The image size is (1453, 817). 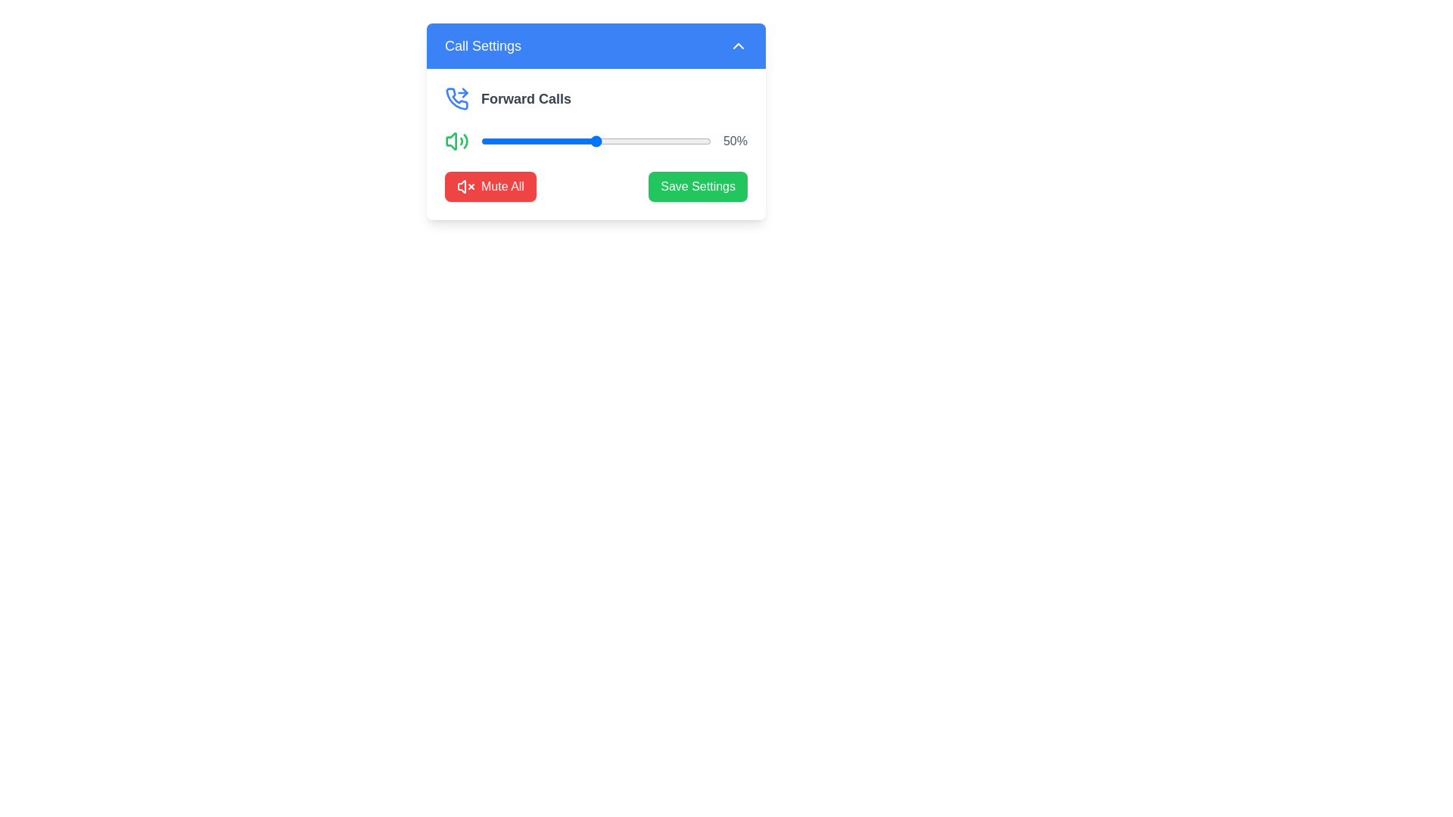 I want to click on the slider, so click(x=551, y=141).